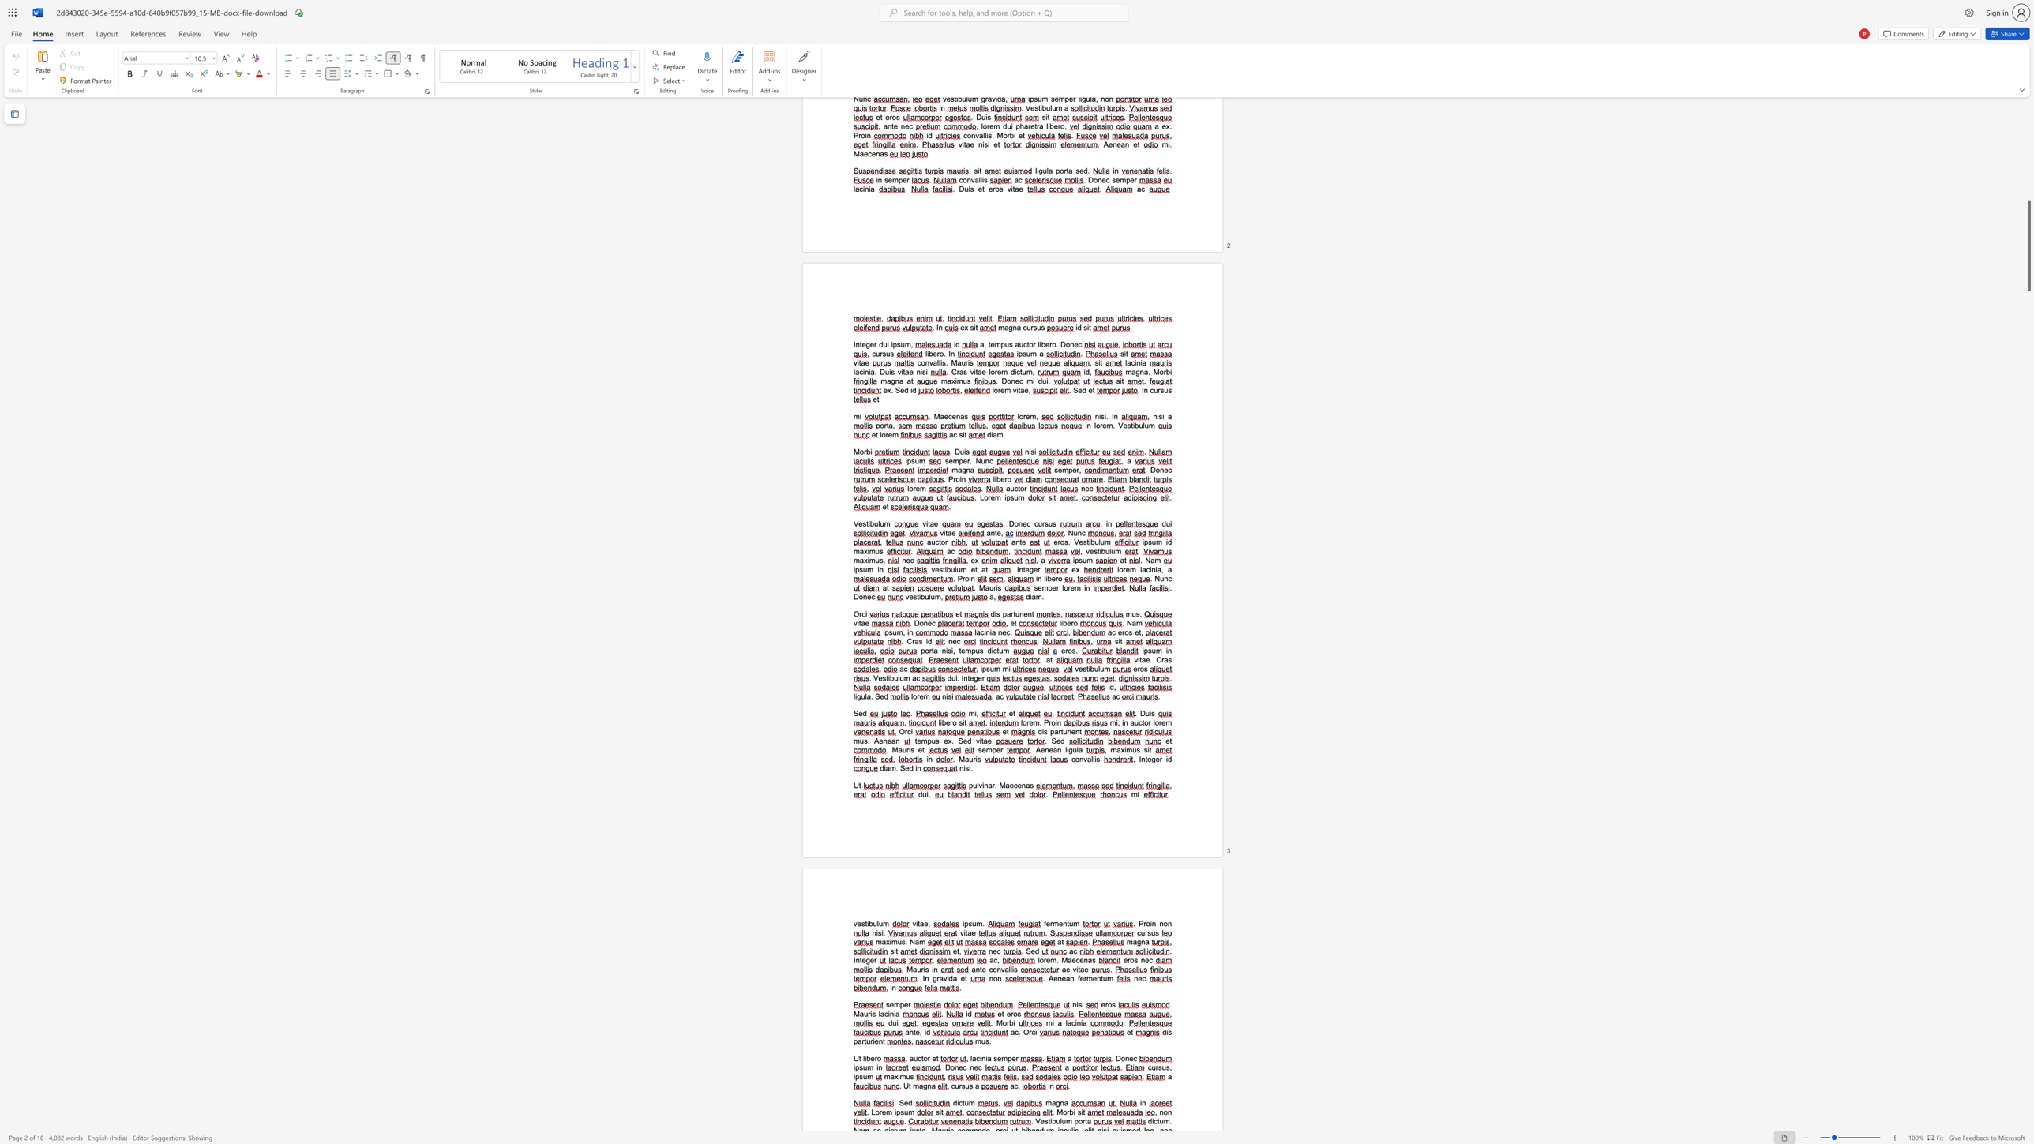 The width and height of the screenshot is (2034, 1144). What do you see at coordinates (1069, 731) in the screenshot?
I see `the 2th character "i" in the text` at bounding box center [1069, 731].